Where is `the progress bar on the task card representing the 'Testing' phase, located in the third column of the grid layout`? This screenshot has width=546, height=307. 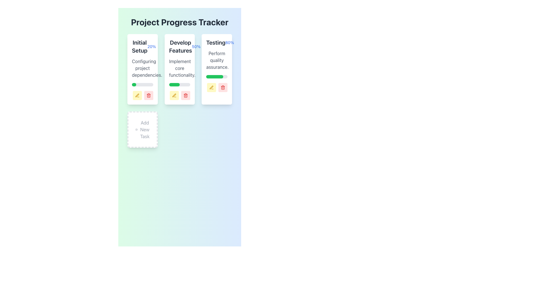 the progress bar on the task card representing the 'Testing' phase, located in the third column of the grid layout is located at coordinates (216, 69).